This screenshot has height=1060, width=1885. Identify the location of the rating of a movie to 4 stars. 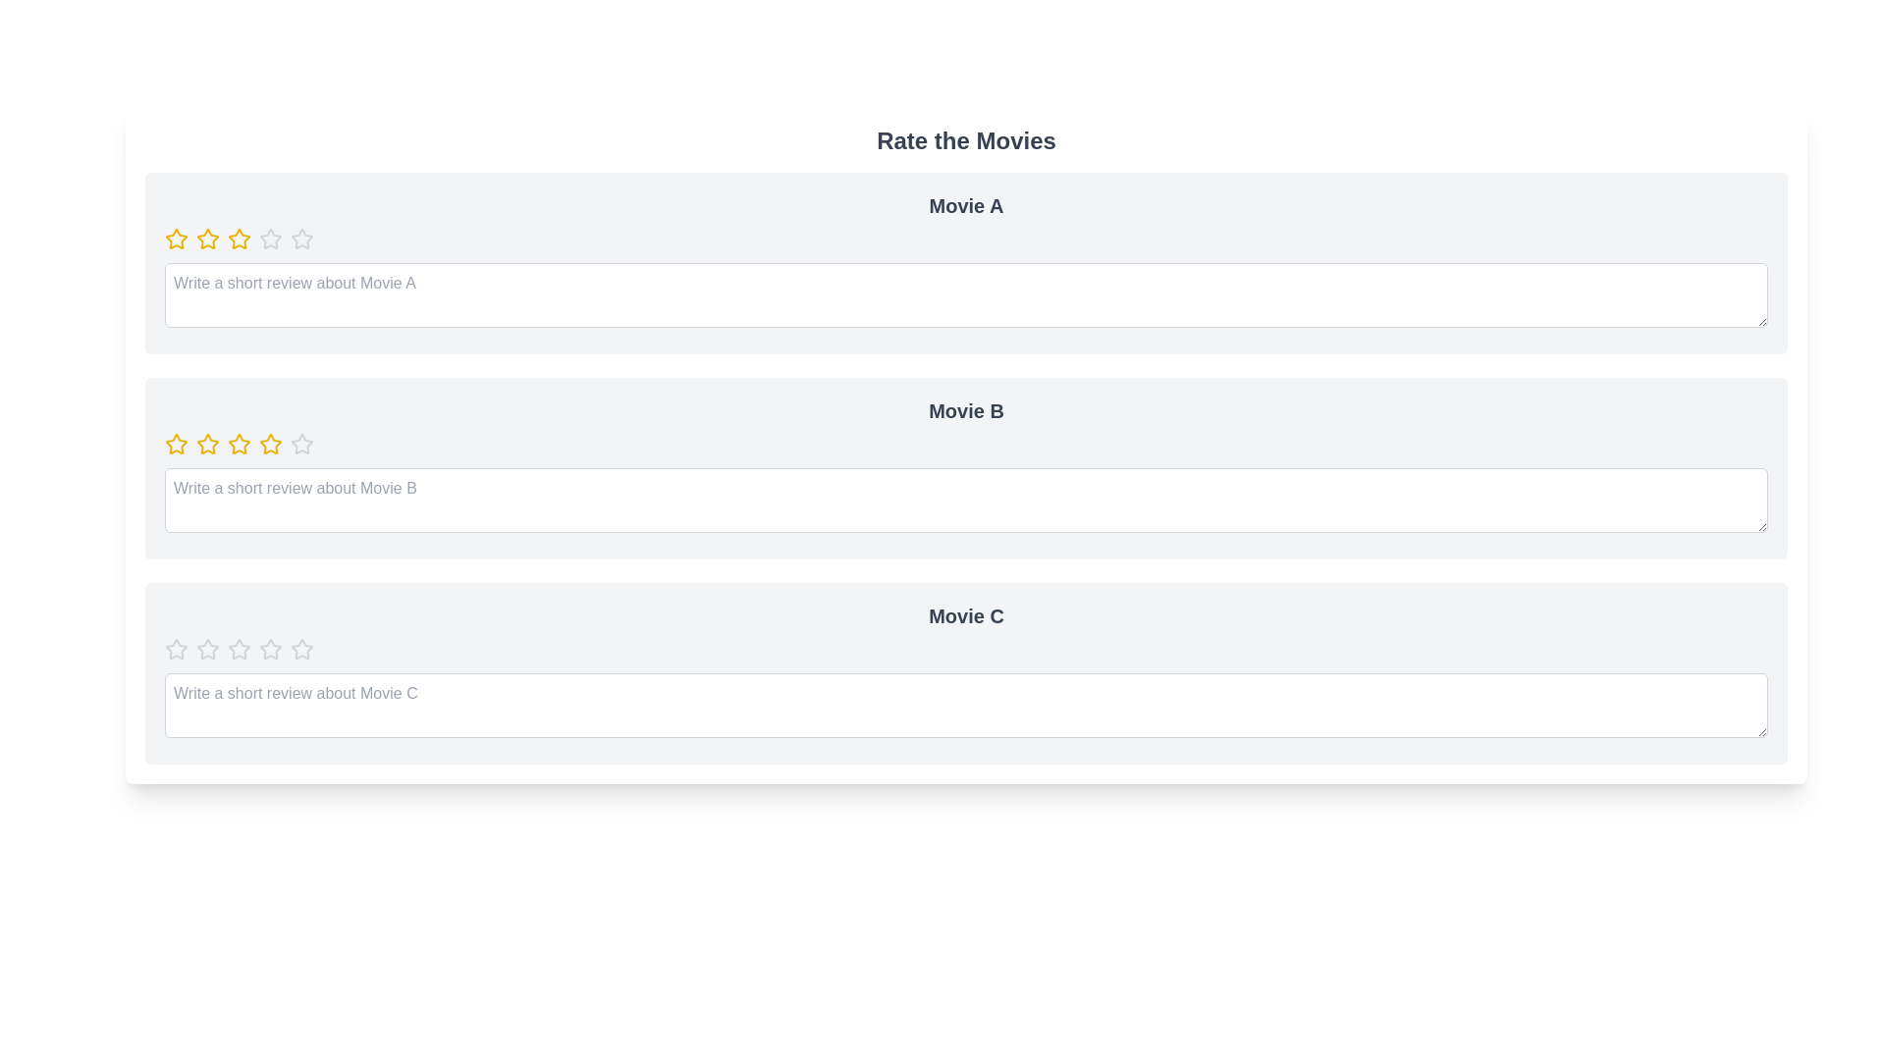
(269, 238).